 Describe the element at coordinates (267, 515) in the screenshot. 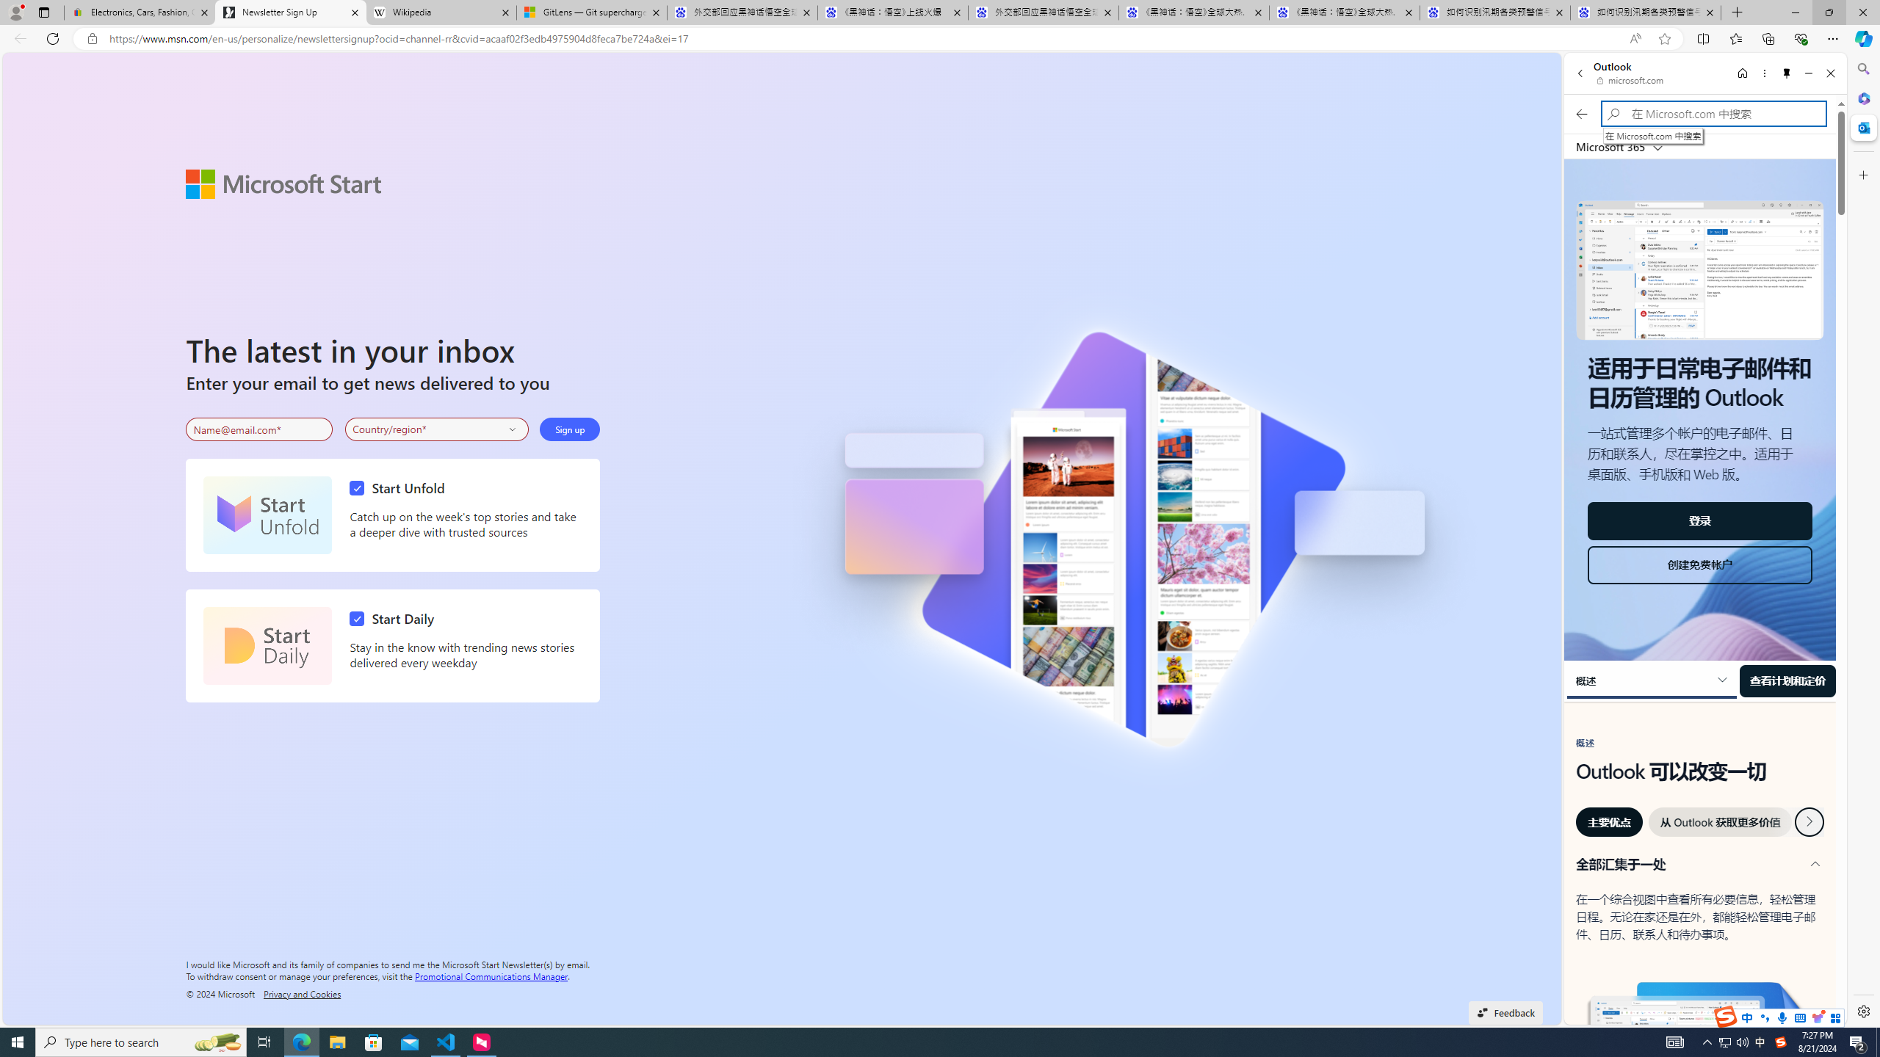

I see `'Start Unfold'` at that location.